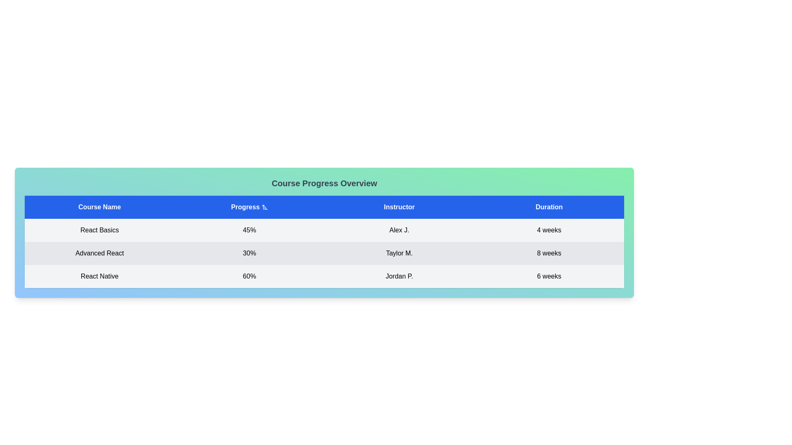 The height and width of the screenshot is (445, 792). I want to click on the second row of the table displaying information about the 'Advanced React' course, so click(324, 253).